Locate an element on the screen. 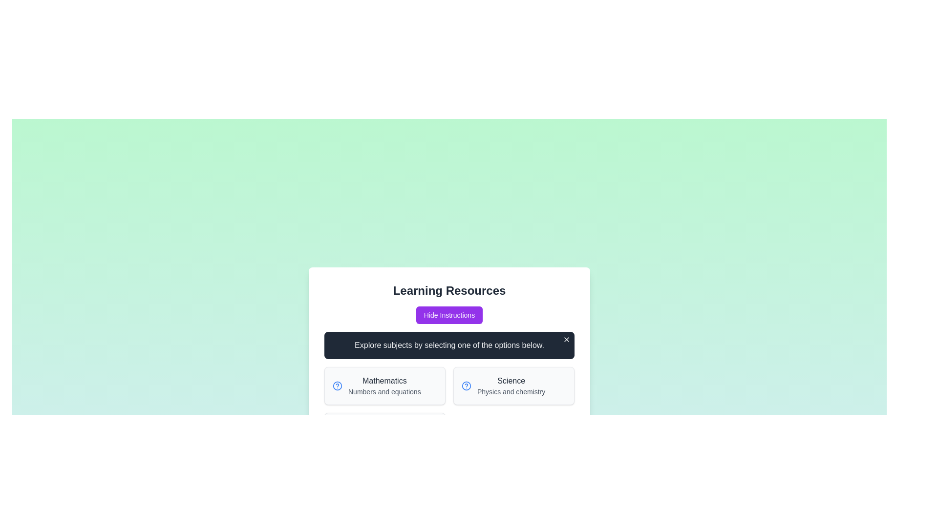 Image resolution: width=938 pixels, height=527 pixels. the button that hides instructions, located below the 'Learning Resources' header and above the dark box containing 'Explore subjects by selecting one of the options below.' is located at coordinates (449, 315).